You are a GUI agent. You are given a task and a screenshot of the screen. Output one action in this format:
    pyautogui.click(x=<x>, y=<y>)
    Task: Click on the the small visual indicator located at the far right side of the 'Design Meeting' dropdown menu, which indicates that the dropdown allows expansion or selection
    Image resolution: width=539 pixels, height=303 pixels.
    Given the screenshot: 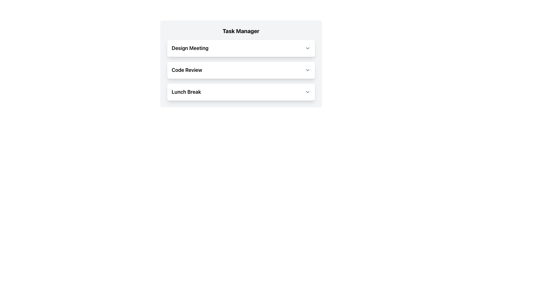 What is the action you would take?
    pyautogui.click(x=307, y=48)
    